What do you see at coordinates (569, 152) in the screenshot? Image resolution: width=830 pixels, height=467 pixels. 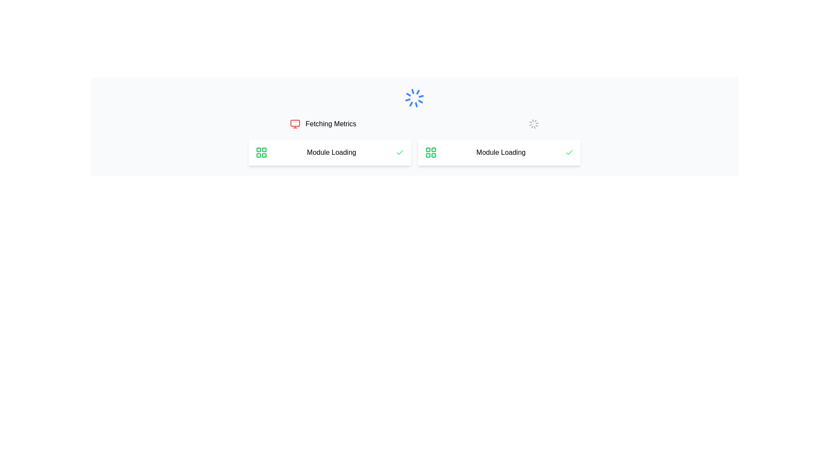 I see `the small green checkmark icon located at the far right end of the 'Module Loading' panel` at bounding box center [569, 152].